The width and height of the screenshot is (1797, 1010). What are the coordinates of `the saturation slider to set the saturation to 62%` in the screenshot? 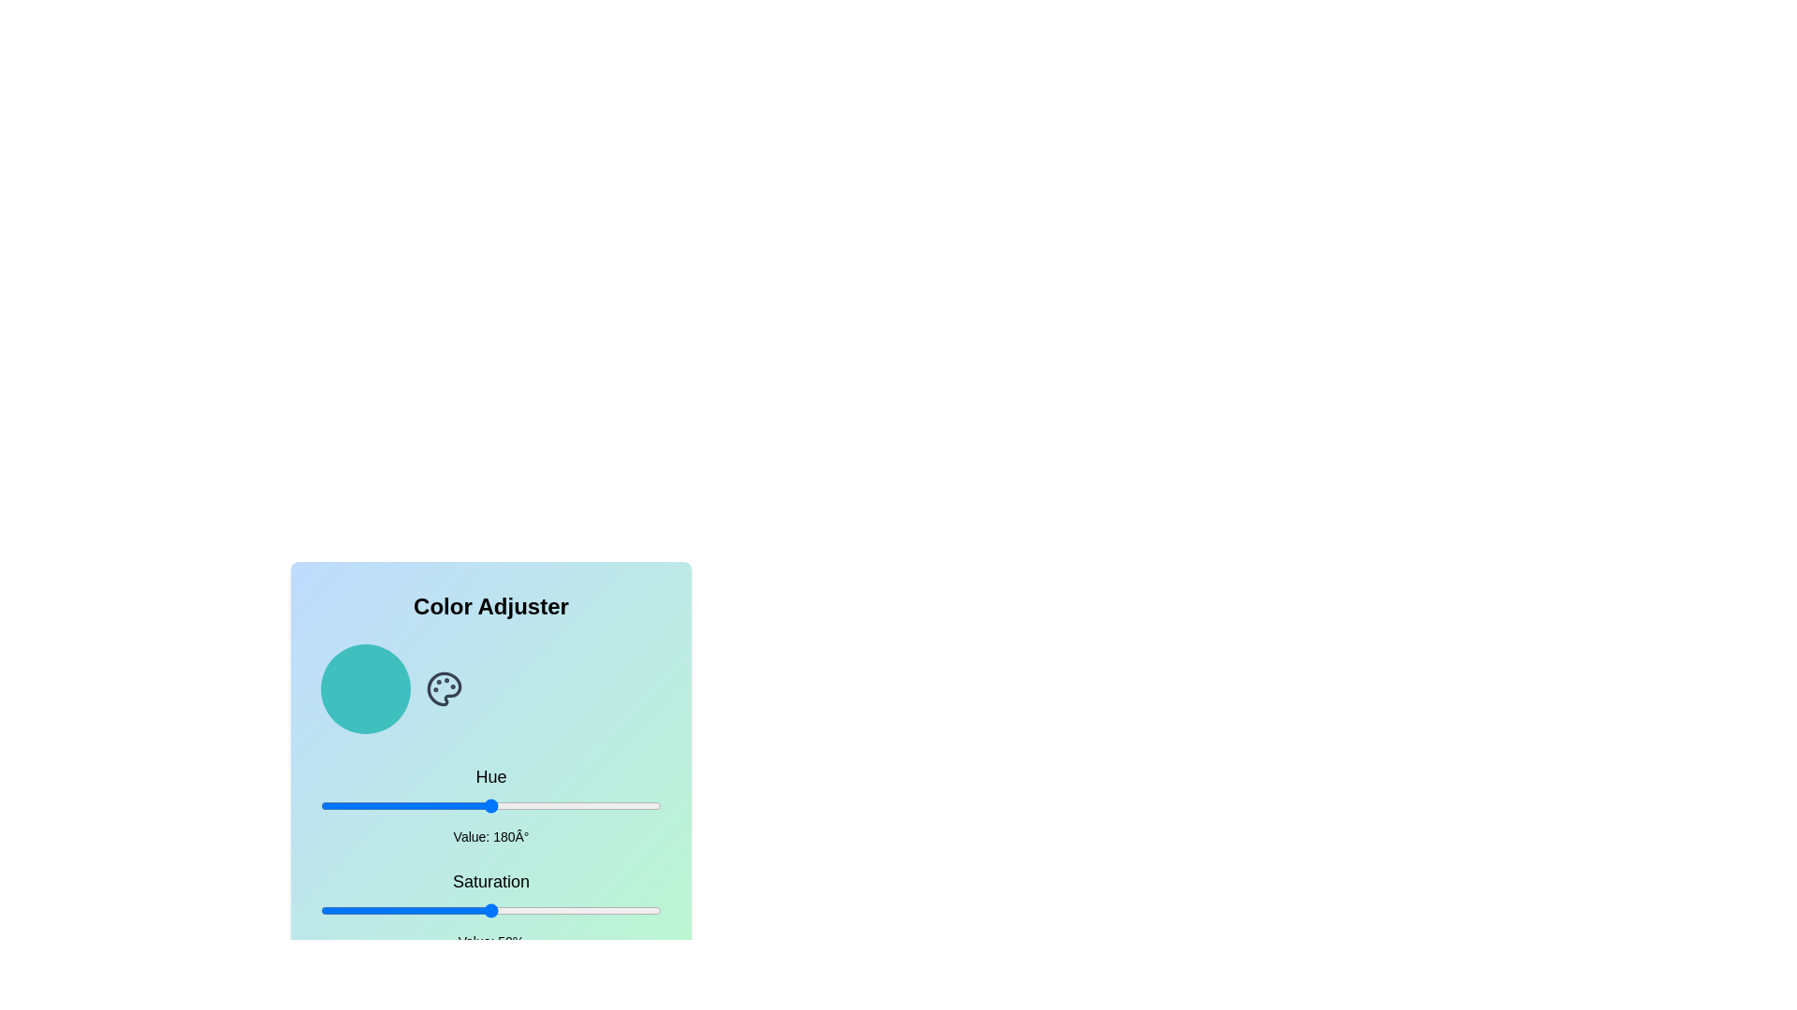 It's located at (531, 910).